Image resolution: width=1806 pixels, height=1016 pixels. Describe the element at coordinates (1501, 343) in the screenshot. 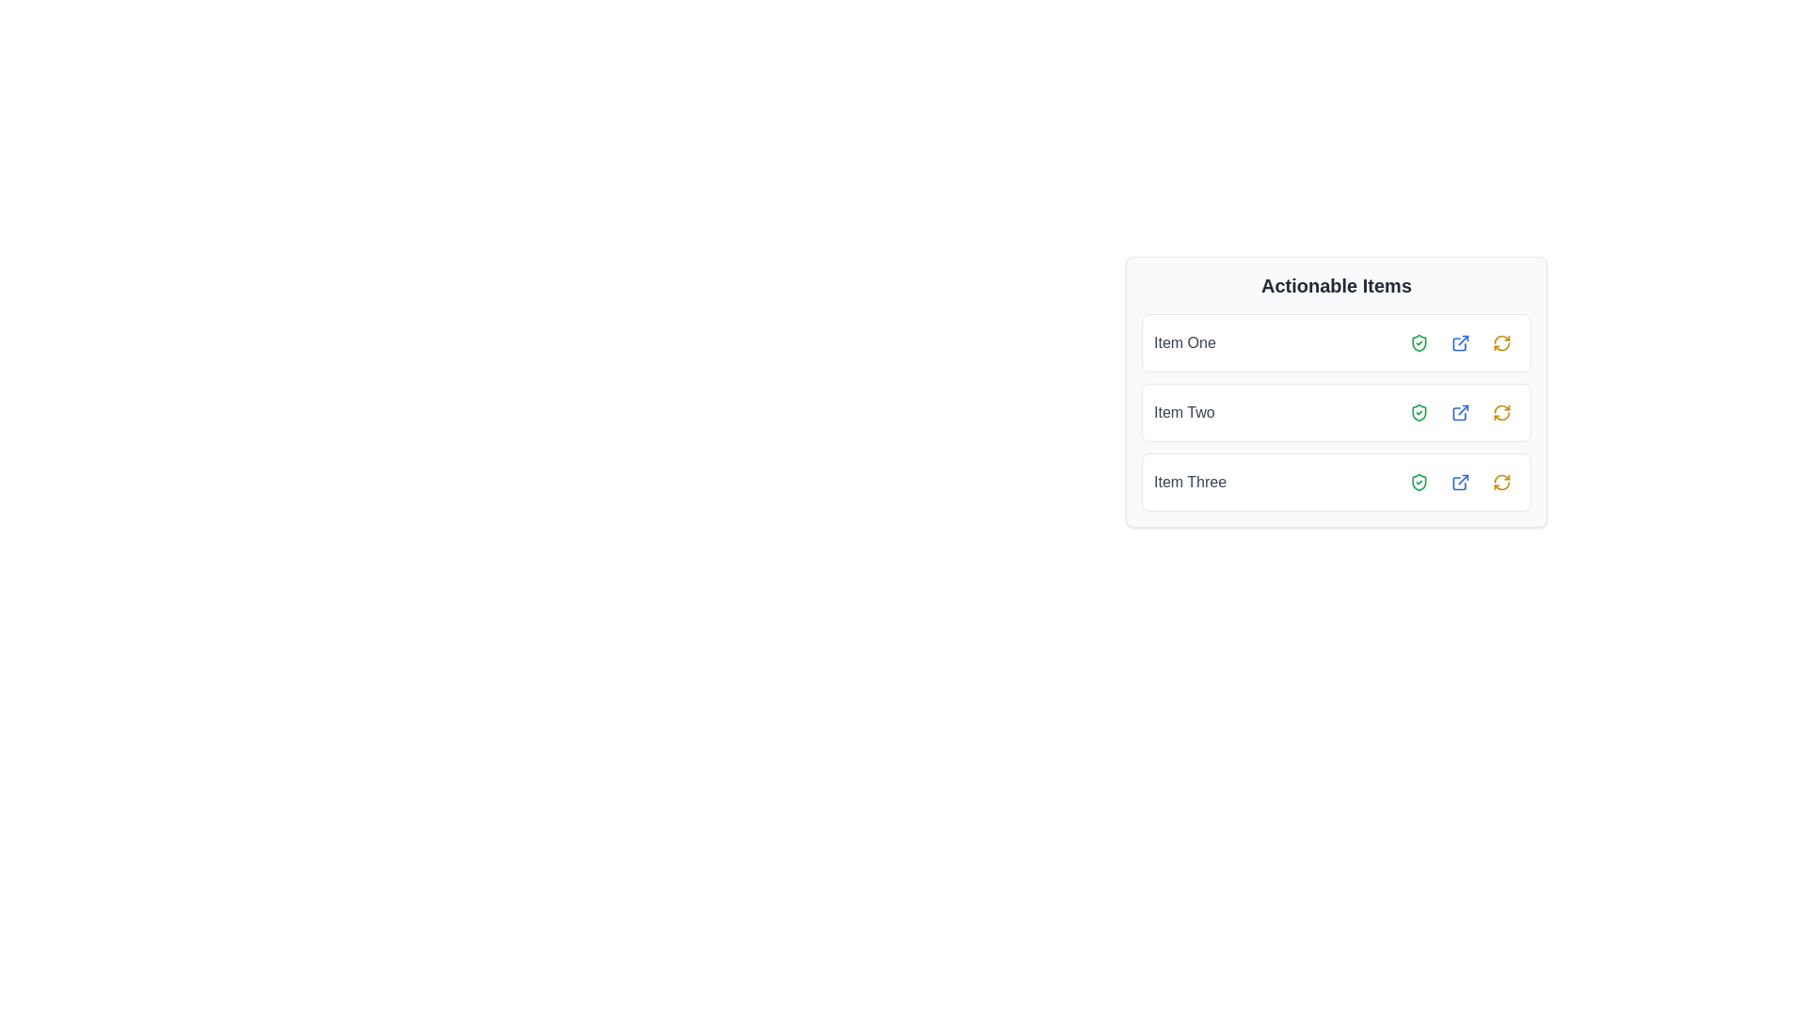

I see `the circular yellow refresh icon in the last column of the first row of the 'Actionable Items' table to refresh 'Item One'` at that location.